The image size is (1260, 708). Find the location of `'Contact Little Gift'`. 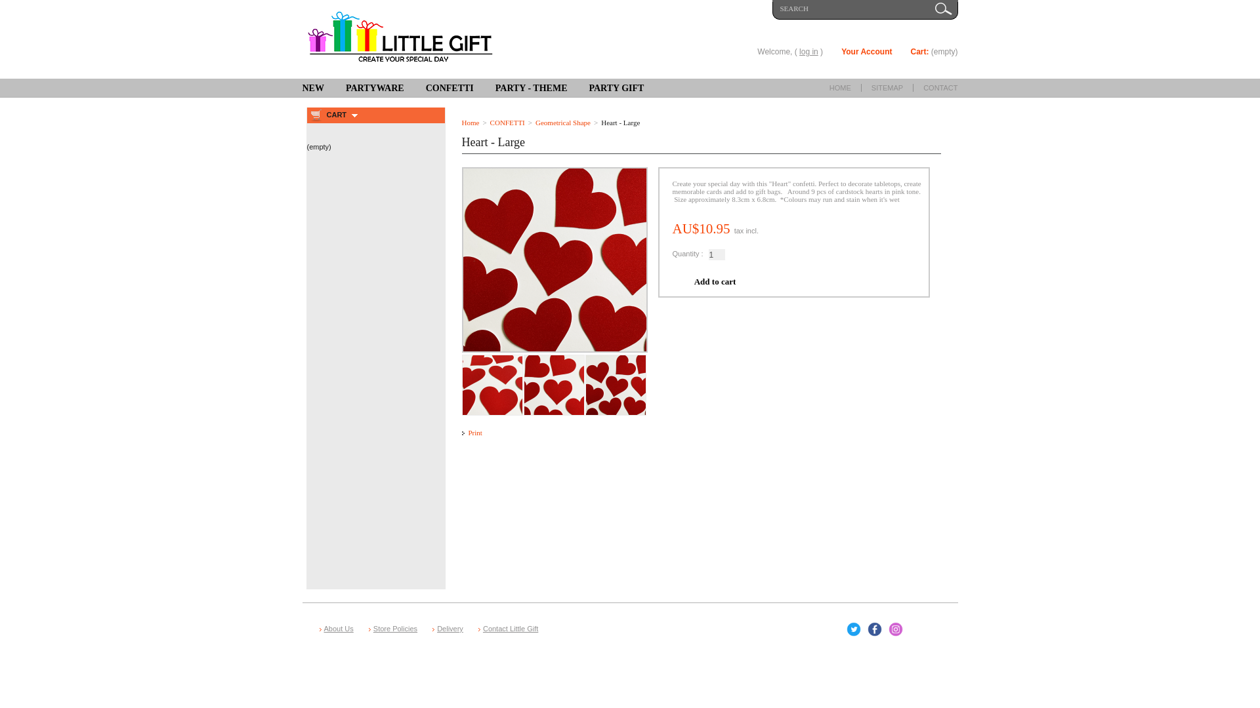

'Contact Little Gift' is located at coordinates (509, 628).